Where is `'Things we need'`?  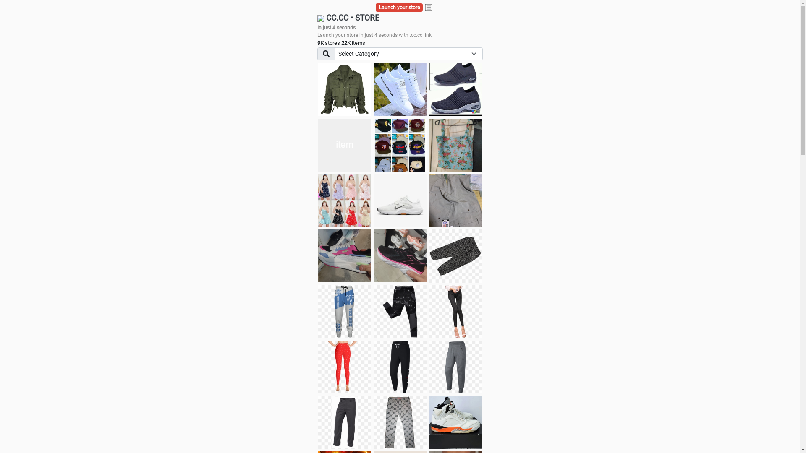 'Things we need' is located at coordinates (373, 145).